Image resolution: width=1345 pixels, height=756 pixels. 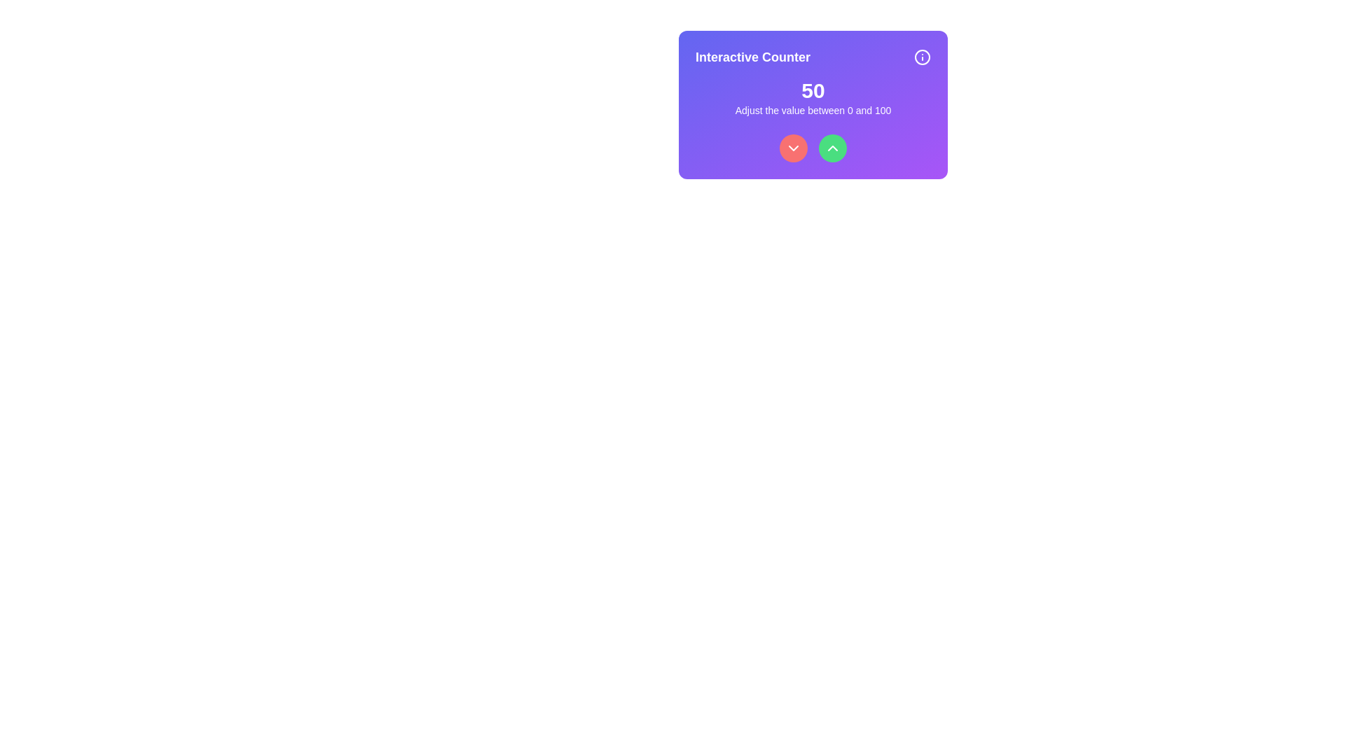 What do you see at coordinates (833, 148) in the screenshot?
I see `the second circular green button with an upward chevron arrow to observe the hover effect` at bounding box center [833, 148].